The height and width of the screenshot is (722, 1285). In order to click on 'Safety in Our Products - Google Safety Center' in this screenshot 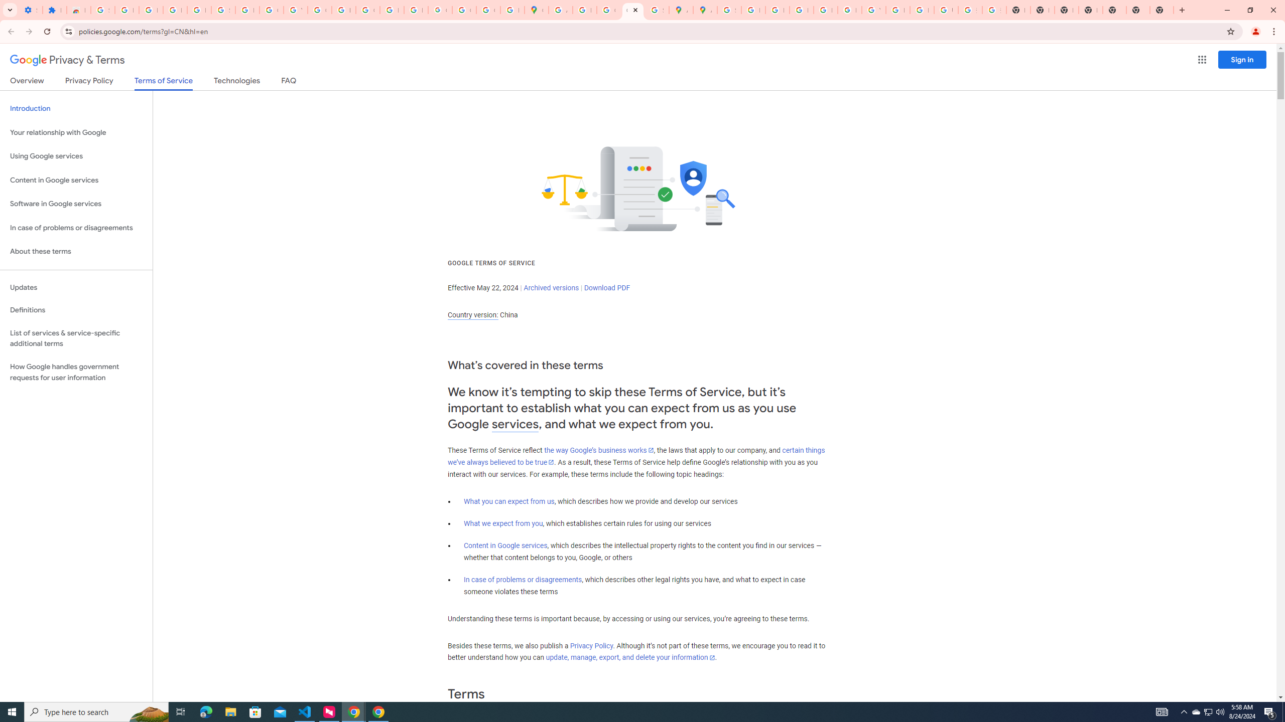, I will do `click(657, 10)`.